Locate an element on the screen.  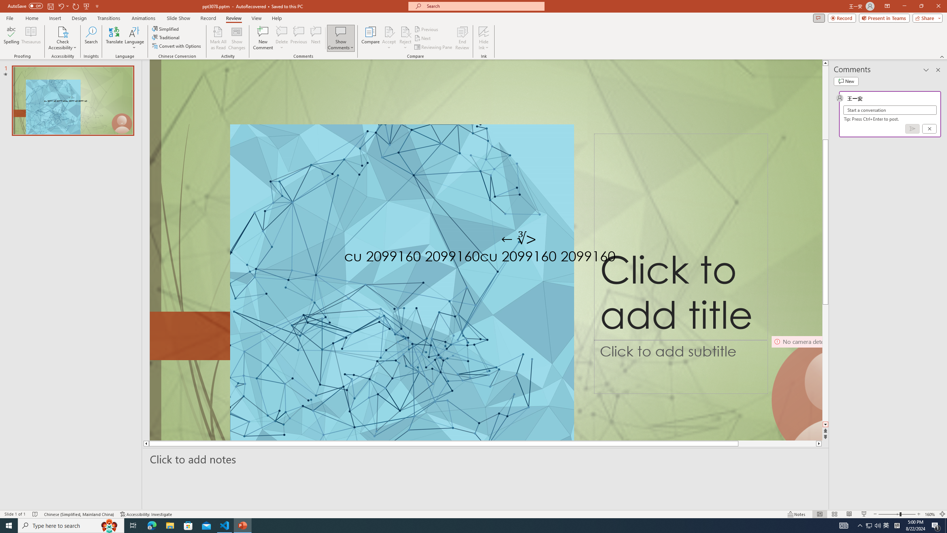
'Previous' is located at coordinates (427, 29).